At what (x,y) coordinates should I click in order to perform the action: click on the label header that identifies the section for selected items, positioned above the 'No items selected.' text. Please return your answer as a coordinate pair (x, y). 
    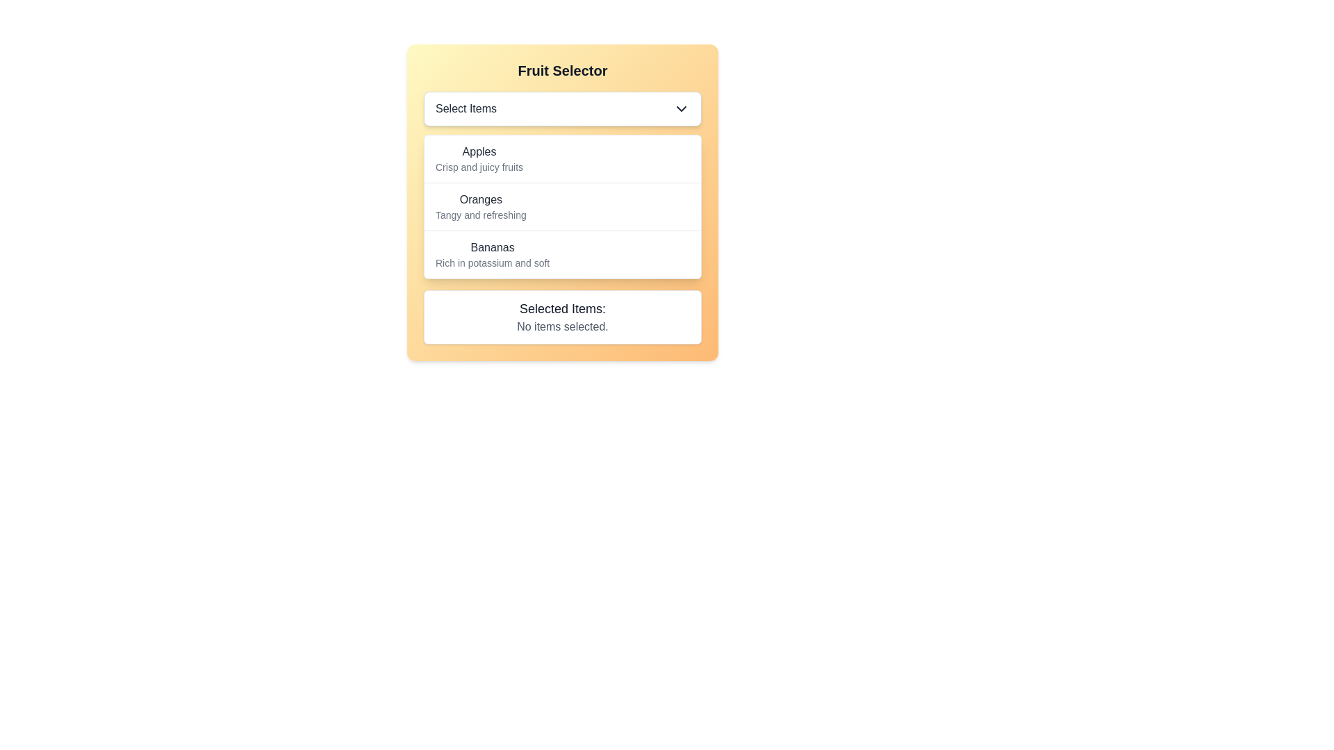
    Looking at the image, I should click on (563, 308).